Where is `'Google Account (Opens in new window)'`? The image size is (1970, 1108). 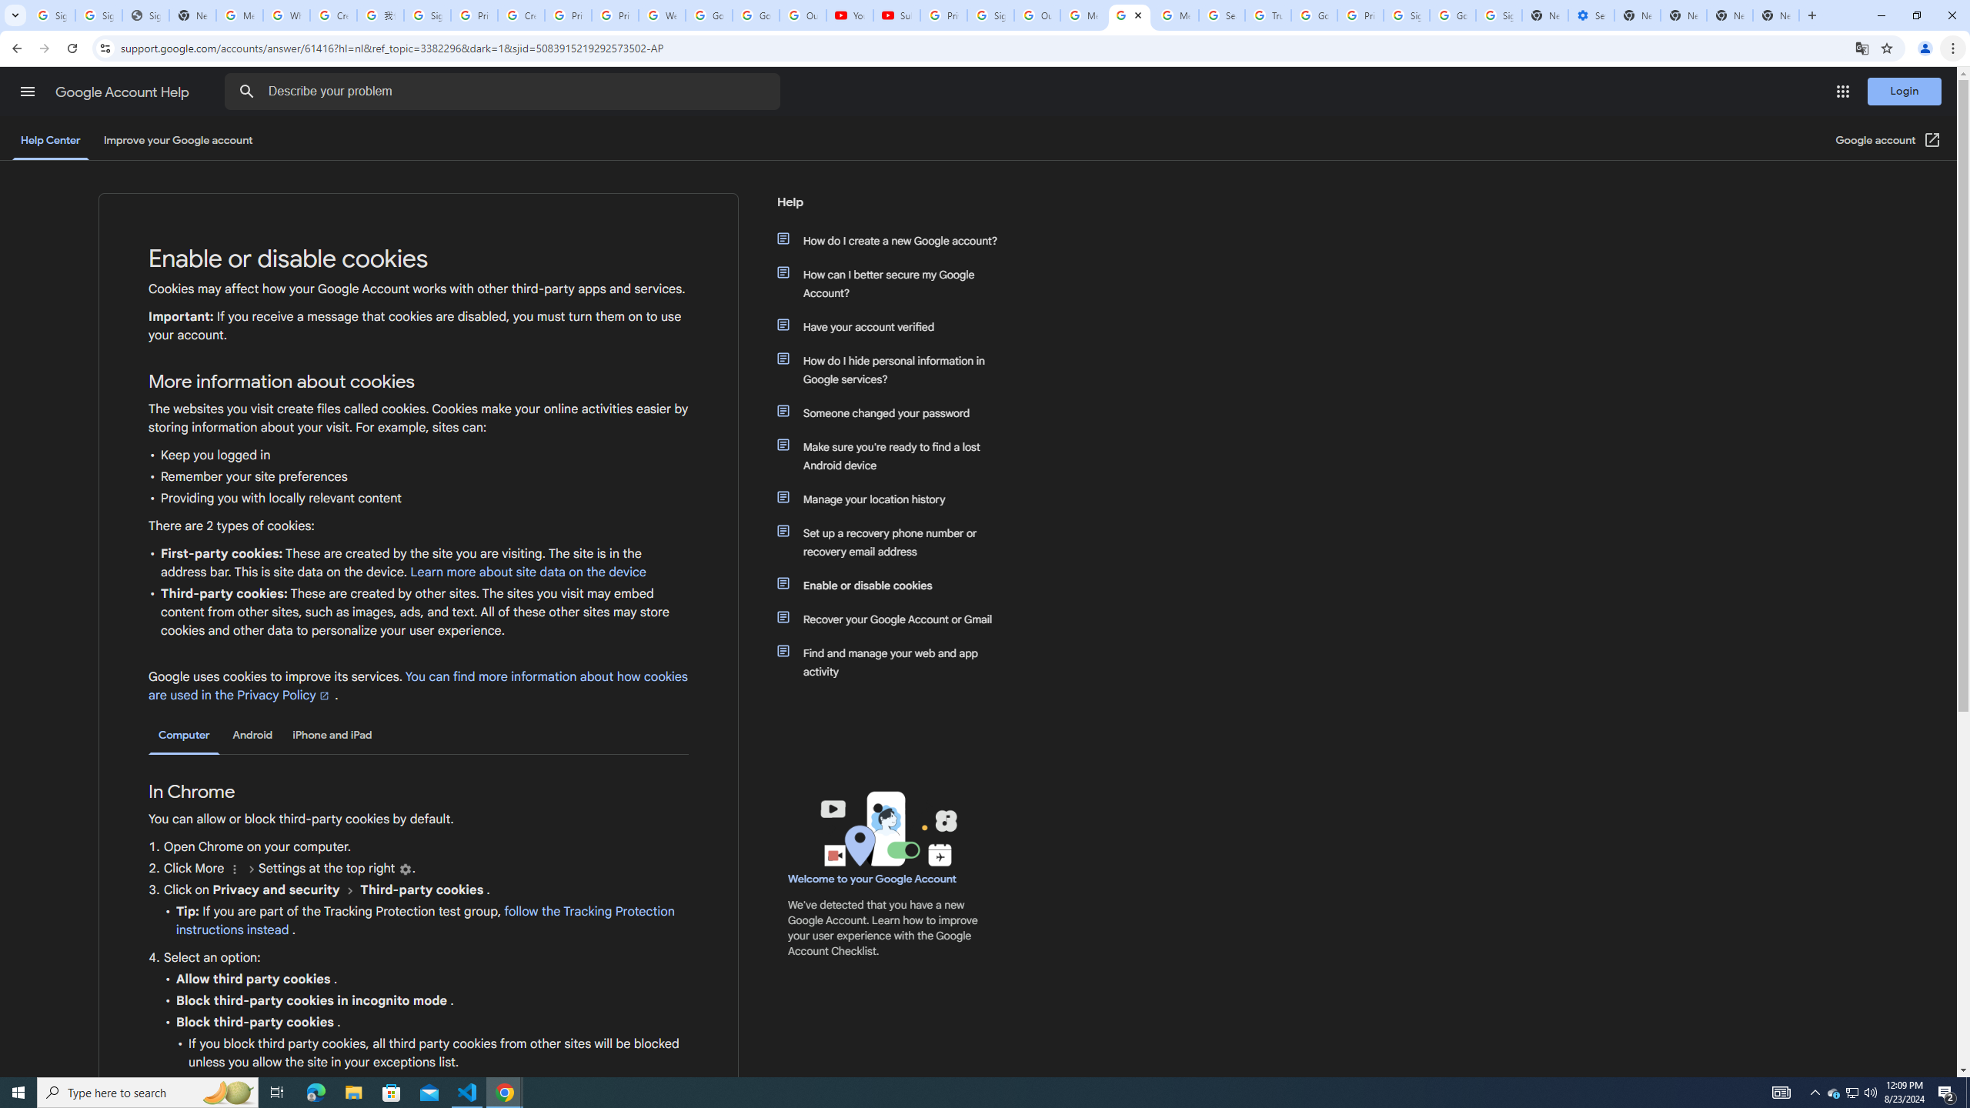 'Google Account (Opens in new window)' is located at coordinates (1888, 139).